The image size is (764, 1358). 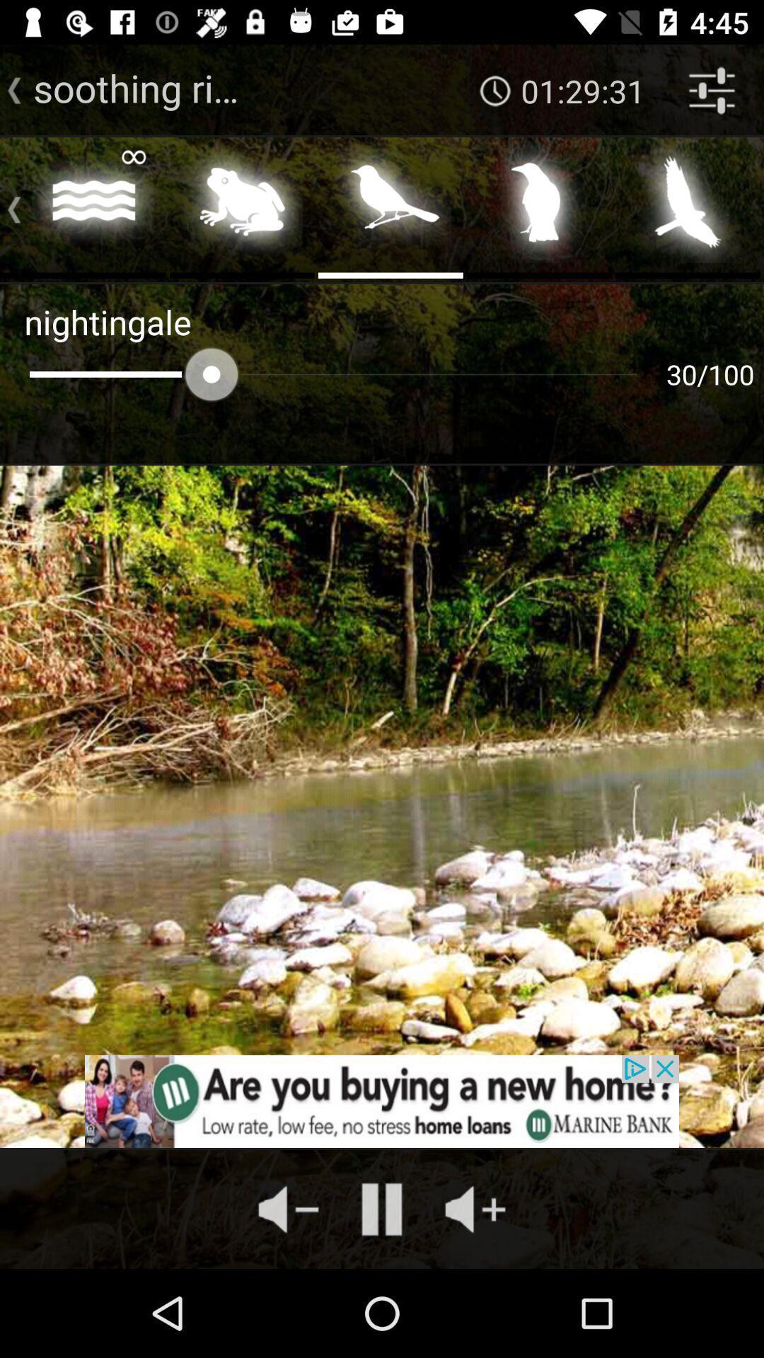 I want to click on the arrow_backward icon, so click(x=14, y=90).